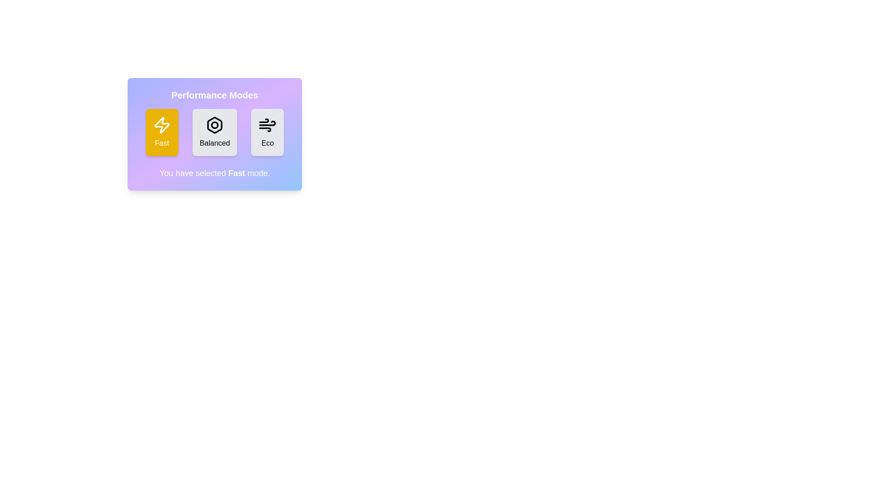  Describe the element at coordinates (214, 132) in the screenshot. I see `the button corresponding to the mode 'Balanced' to select it` at that location.